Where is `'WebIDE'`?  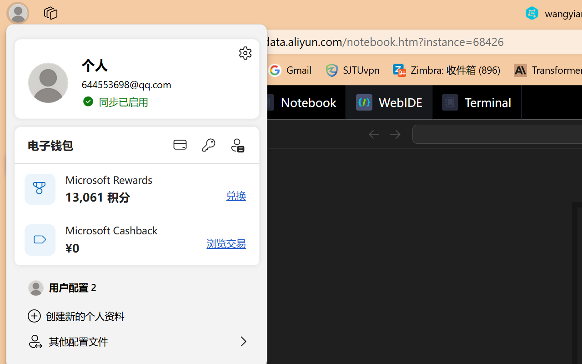
'WebIDE' is located at coordinates (389, 102).